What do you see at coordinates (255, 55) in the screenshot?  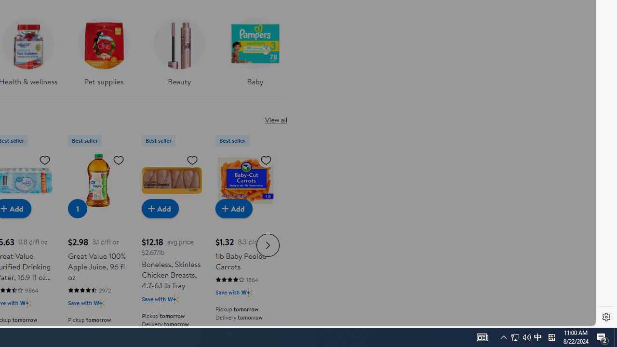 I see `'Baby'` at bounding box center [255, 55].